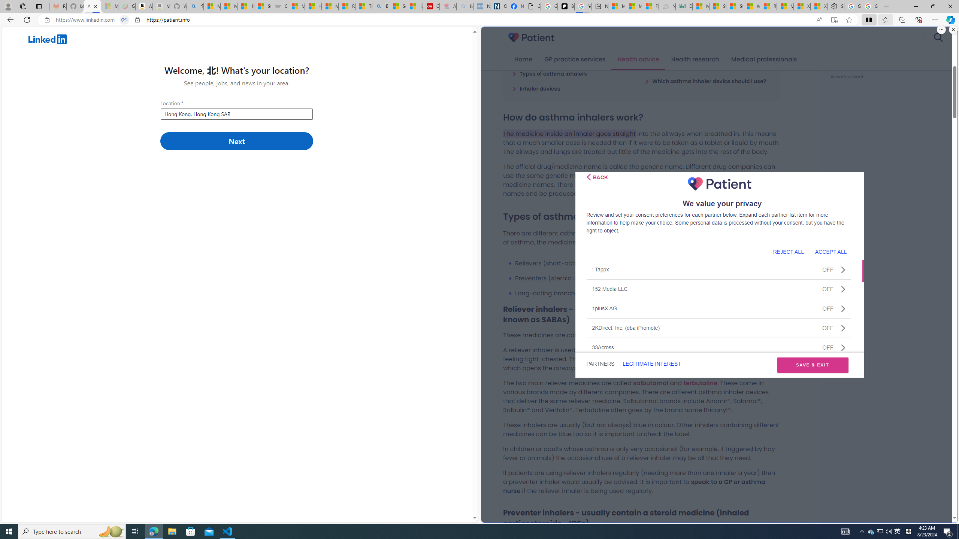 The height and width of the screenshot is (539, 959). What do you see at coordinates (414, 6) in the screenshot?
I see `'12 Popular Science Lies that Must be Corrected'` at bounding box center [414, 6].